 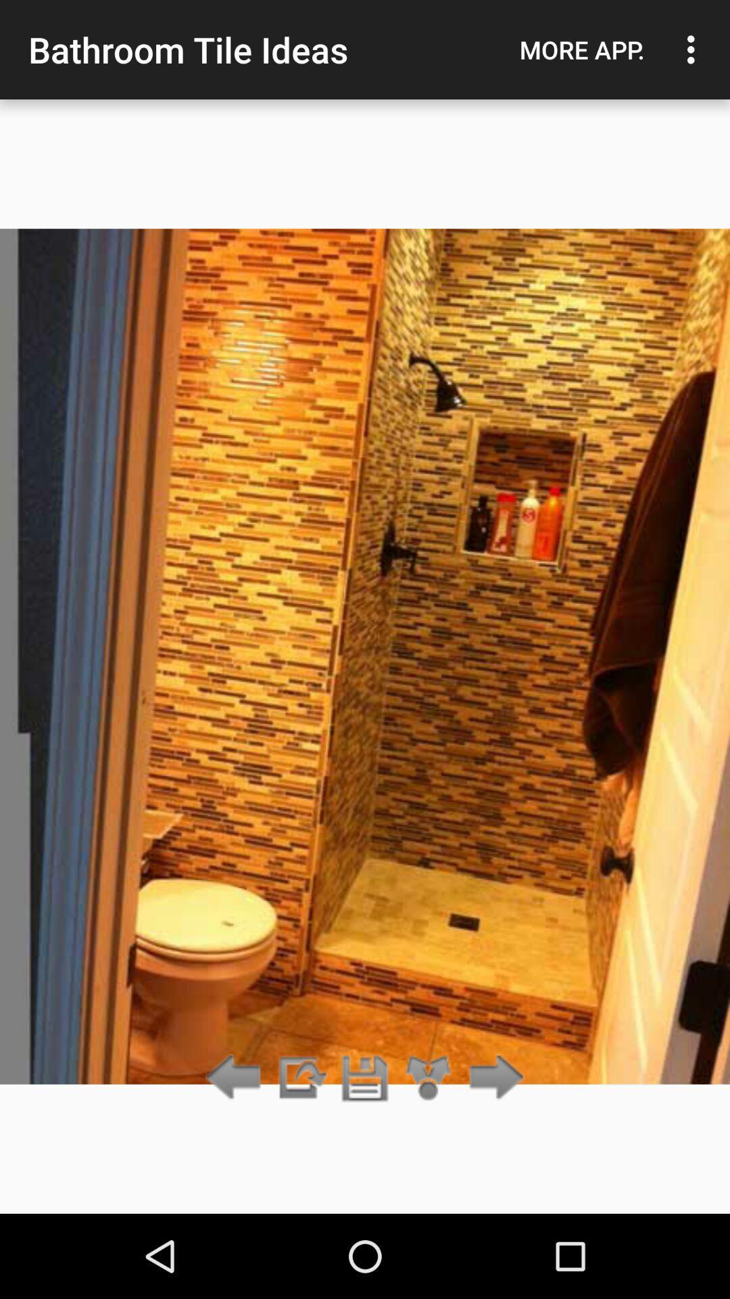 I want to click on move to next image, so click(x=493, y=1078).